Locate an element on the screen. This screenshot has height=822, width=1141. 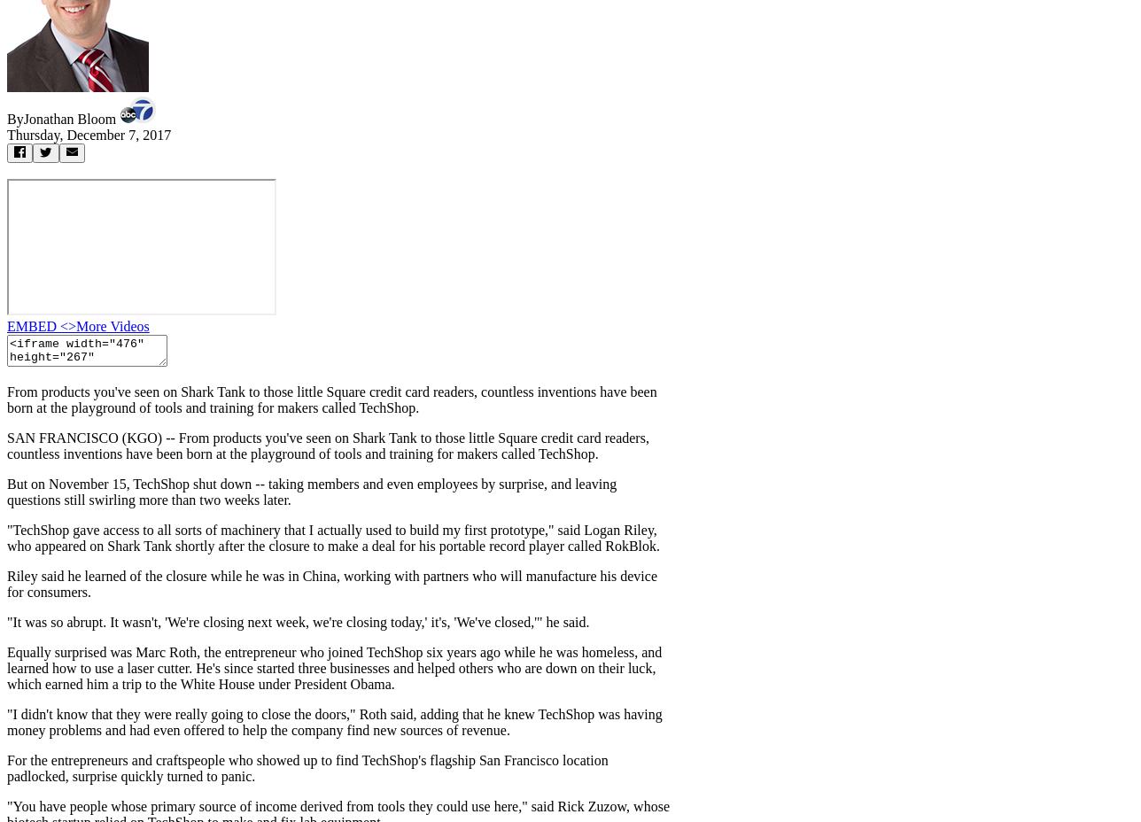
'Thursday, December 7, 2017' is located at coordinates (88, 134).